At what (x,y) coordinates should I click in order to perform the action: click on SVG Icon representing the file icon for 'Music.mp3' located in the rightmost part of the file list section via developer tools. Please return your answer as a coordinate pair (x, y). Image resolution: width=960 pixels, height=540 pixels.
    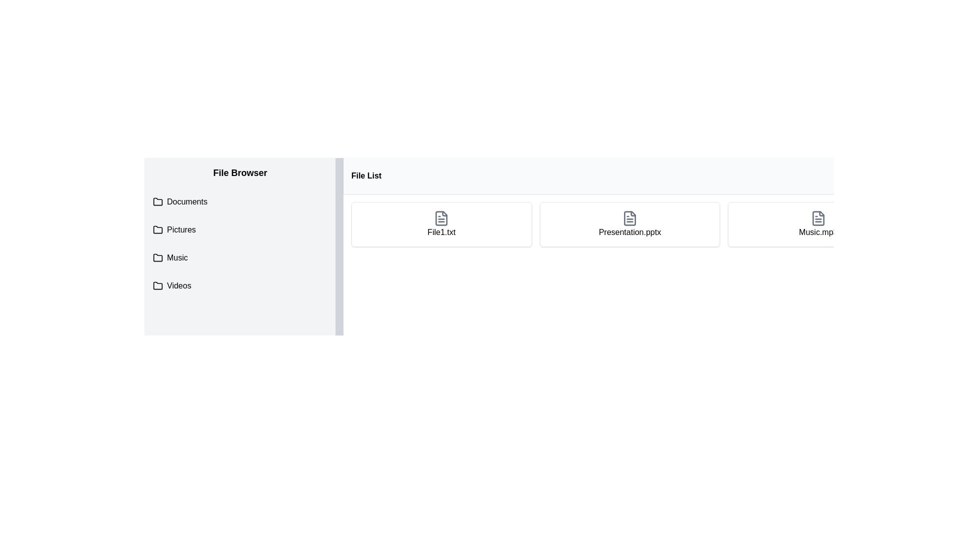
    Looking at the image, I should click on (818, 217).